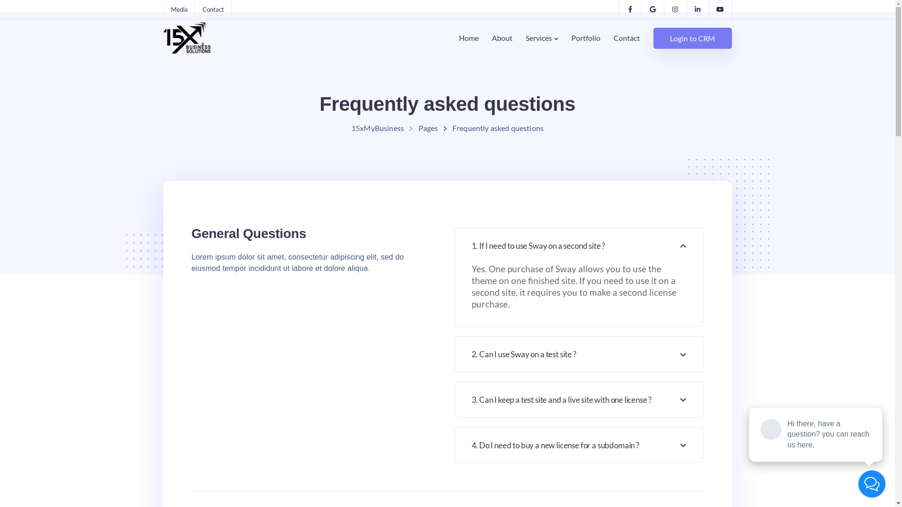 The width and height of the screenshot is (902, 507). What do you see at coordinates (529, 305) in the screenshot?
I see `'CRM Comparison Tool'` at bounding box center [529, 305].